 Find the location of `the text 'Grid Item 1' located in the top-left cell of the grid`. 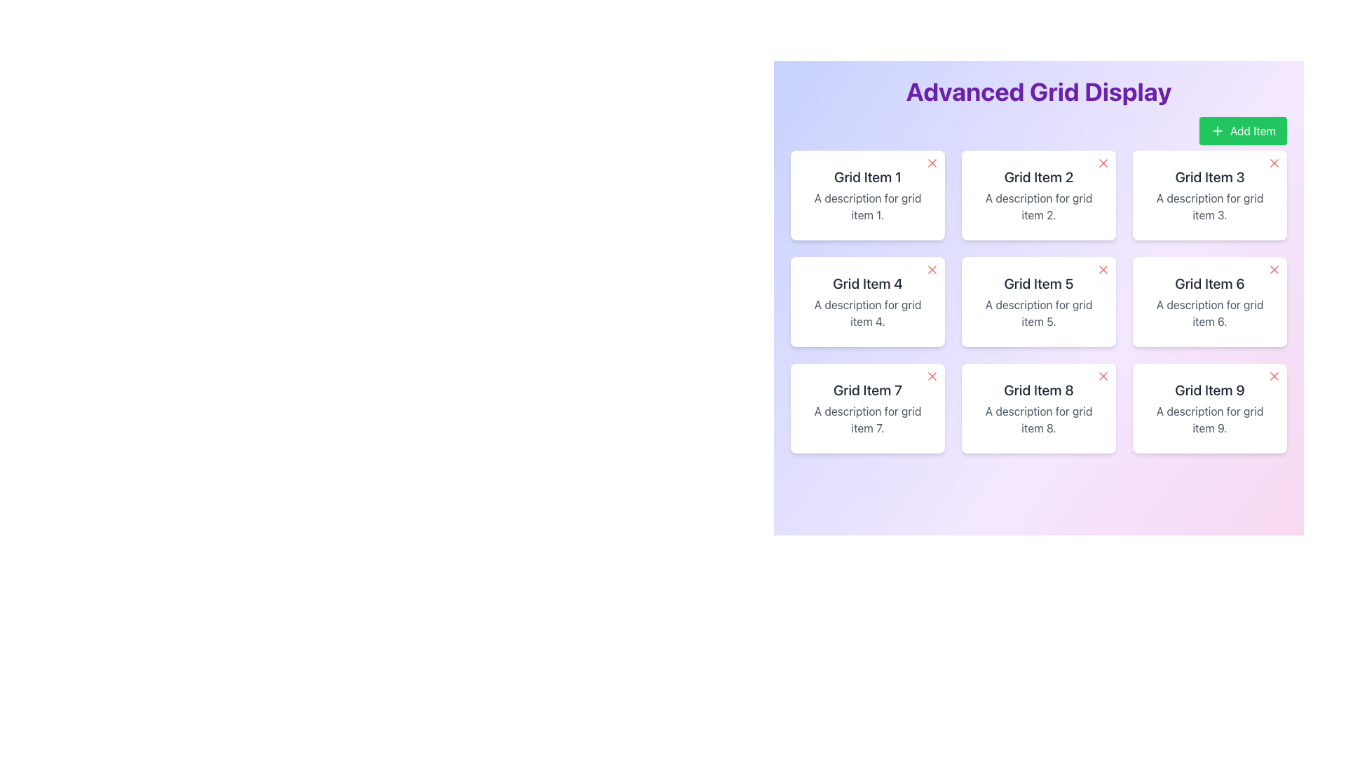

the text 'Grid Item 1' located in the top-left cell of the grid is located at coordinates (867, 177).